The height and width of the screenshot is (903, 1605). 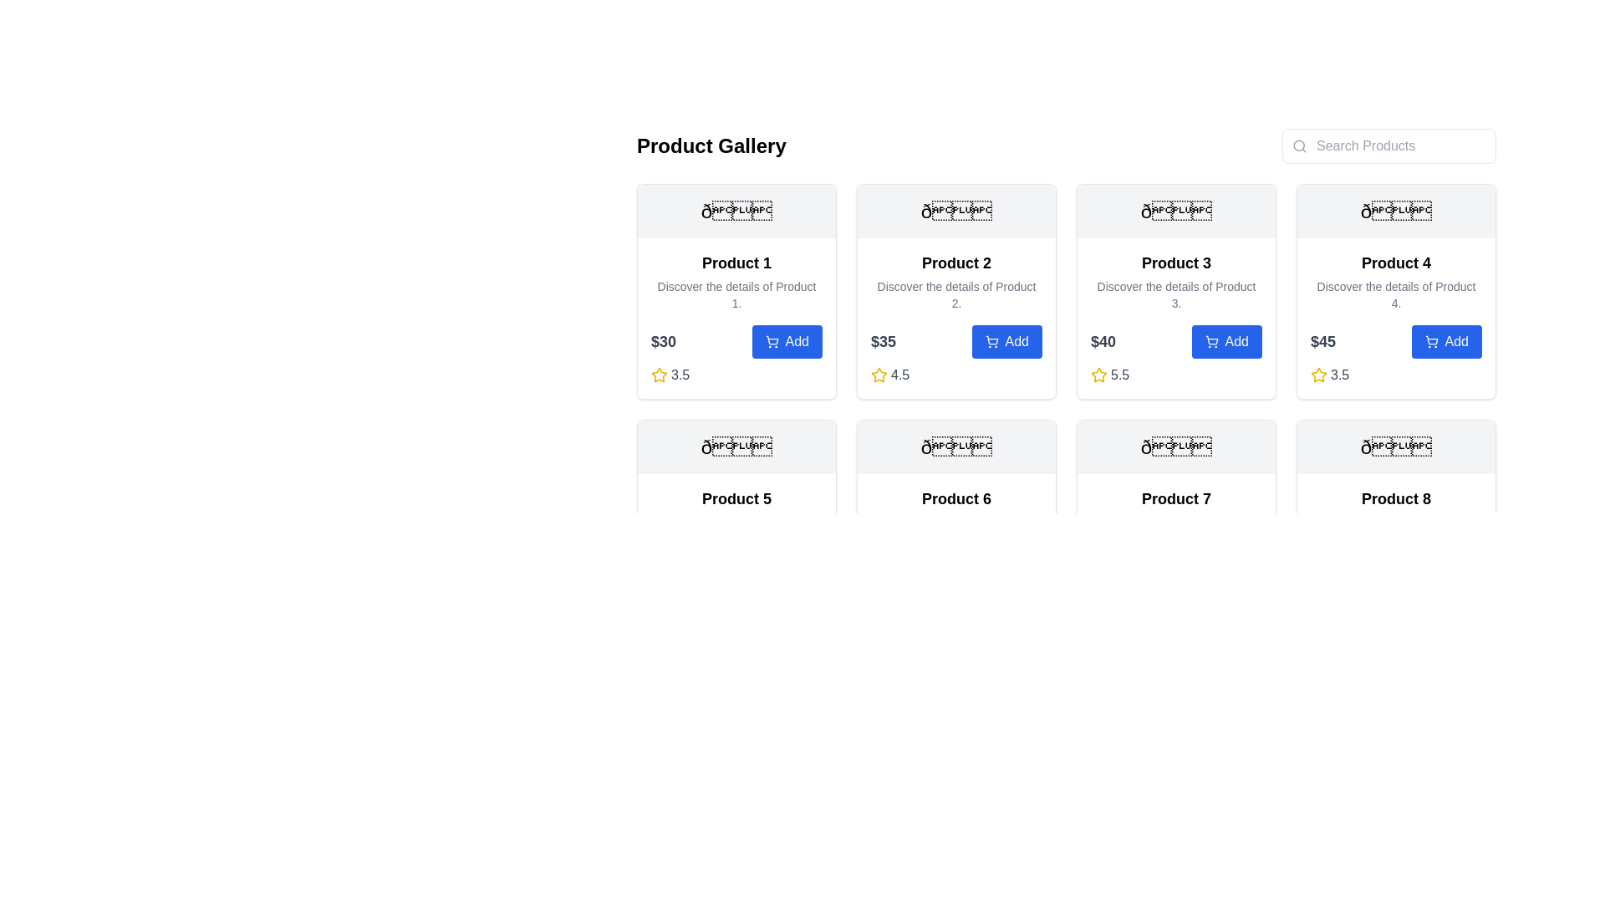 I want to click on the decorative star-like emoji icon at the top of the 'Product 3' card, which is styled in a large font against a light gray background, so click(x=1175, y=211).